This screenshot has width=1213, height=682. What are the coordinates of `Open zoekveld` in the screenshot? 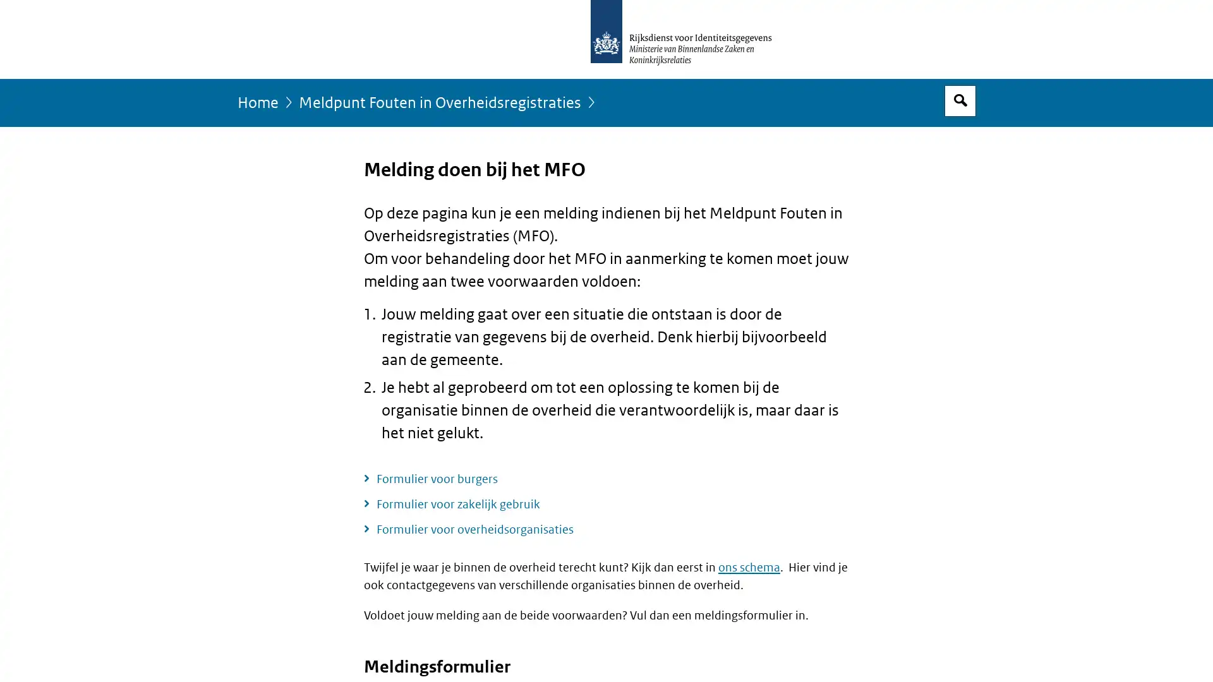 It's located at (960, 100).